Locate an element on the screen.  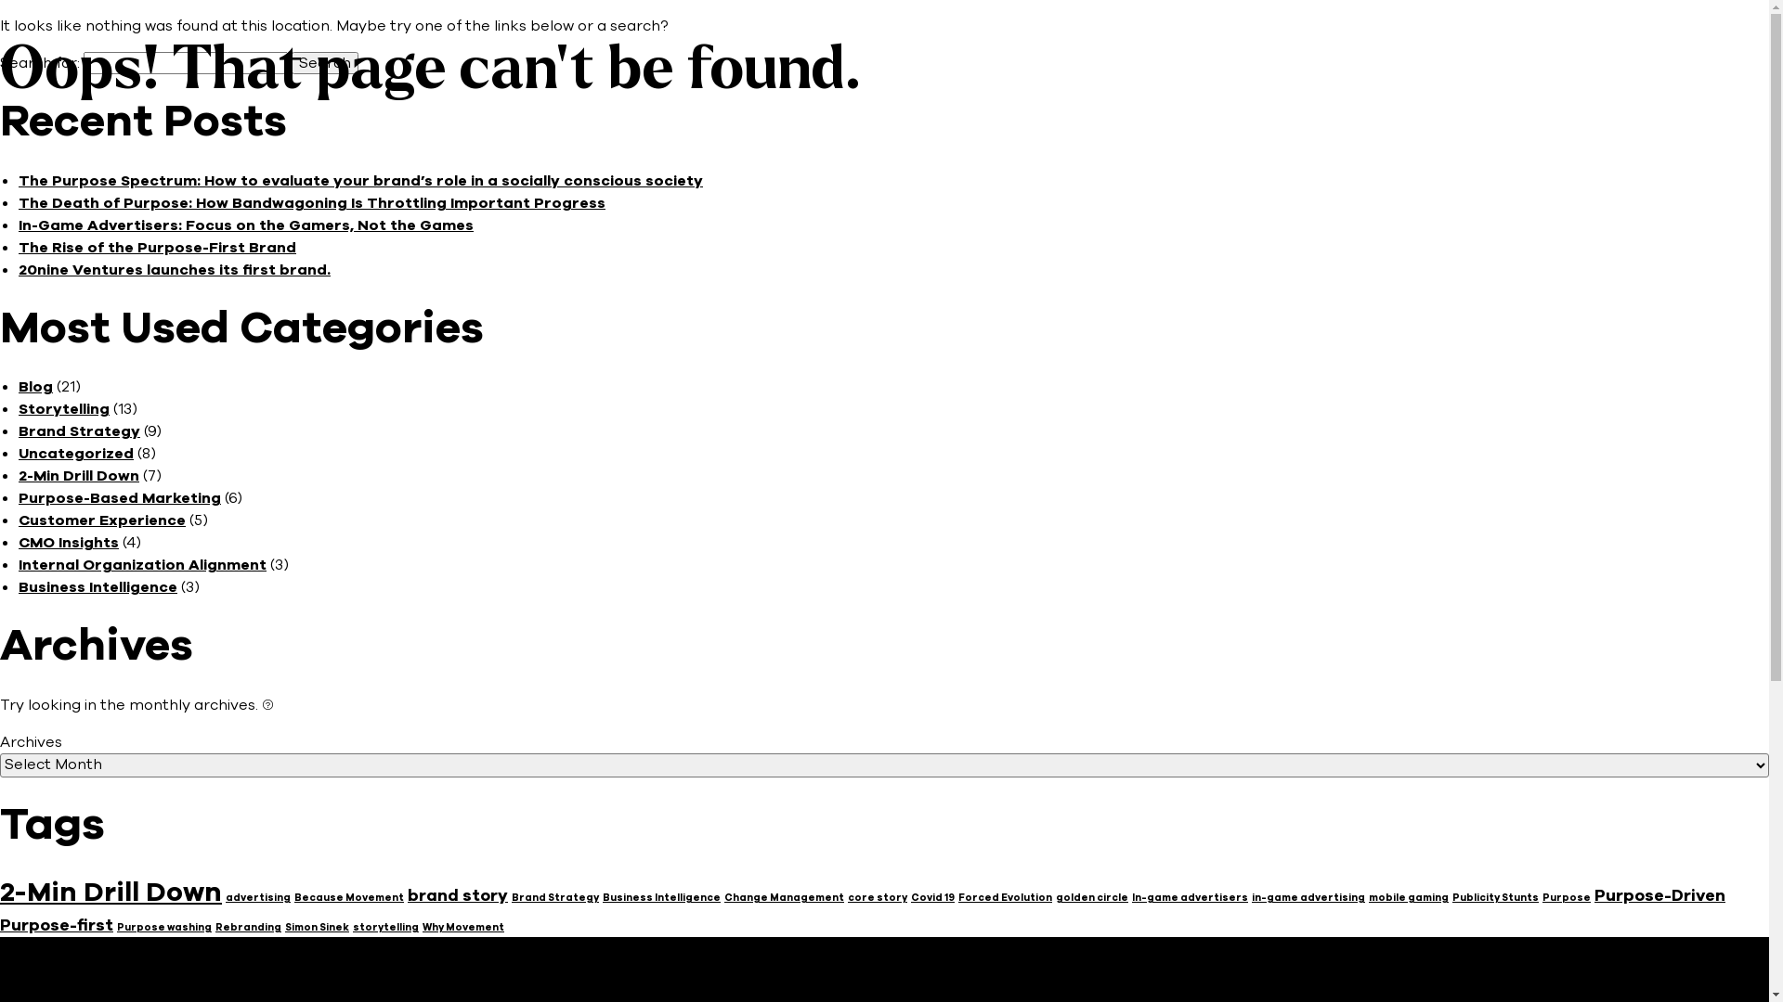
'Forced Evolution' is located at coordinates (1004, 896).